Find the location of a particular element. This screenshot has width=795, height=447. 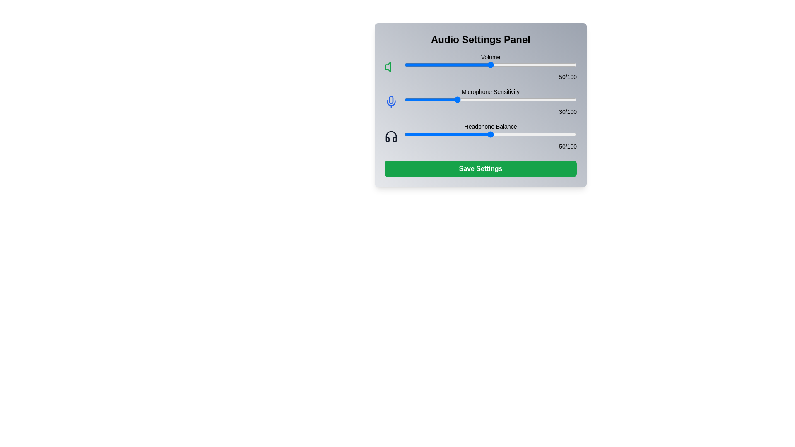

the microphone sensitivity is located at coordinates (478, 99).